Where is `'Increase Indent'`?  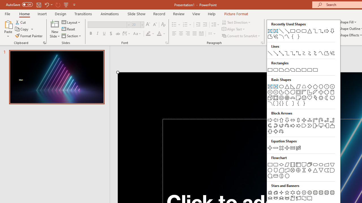 'Increase Indent' is located at coordinates (205, 24).